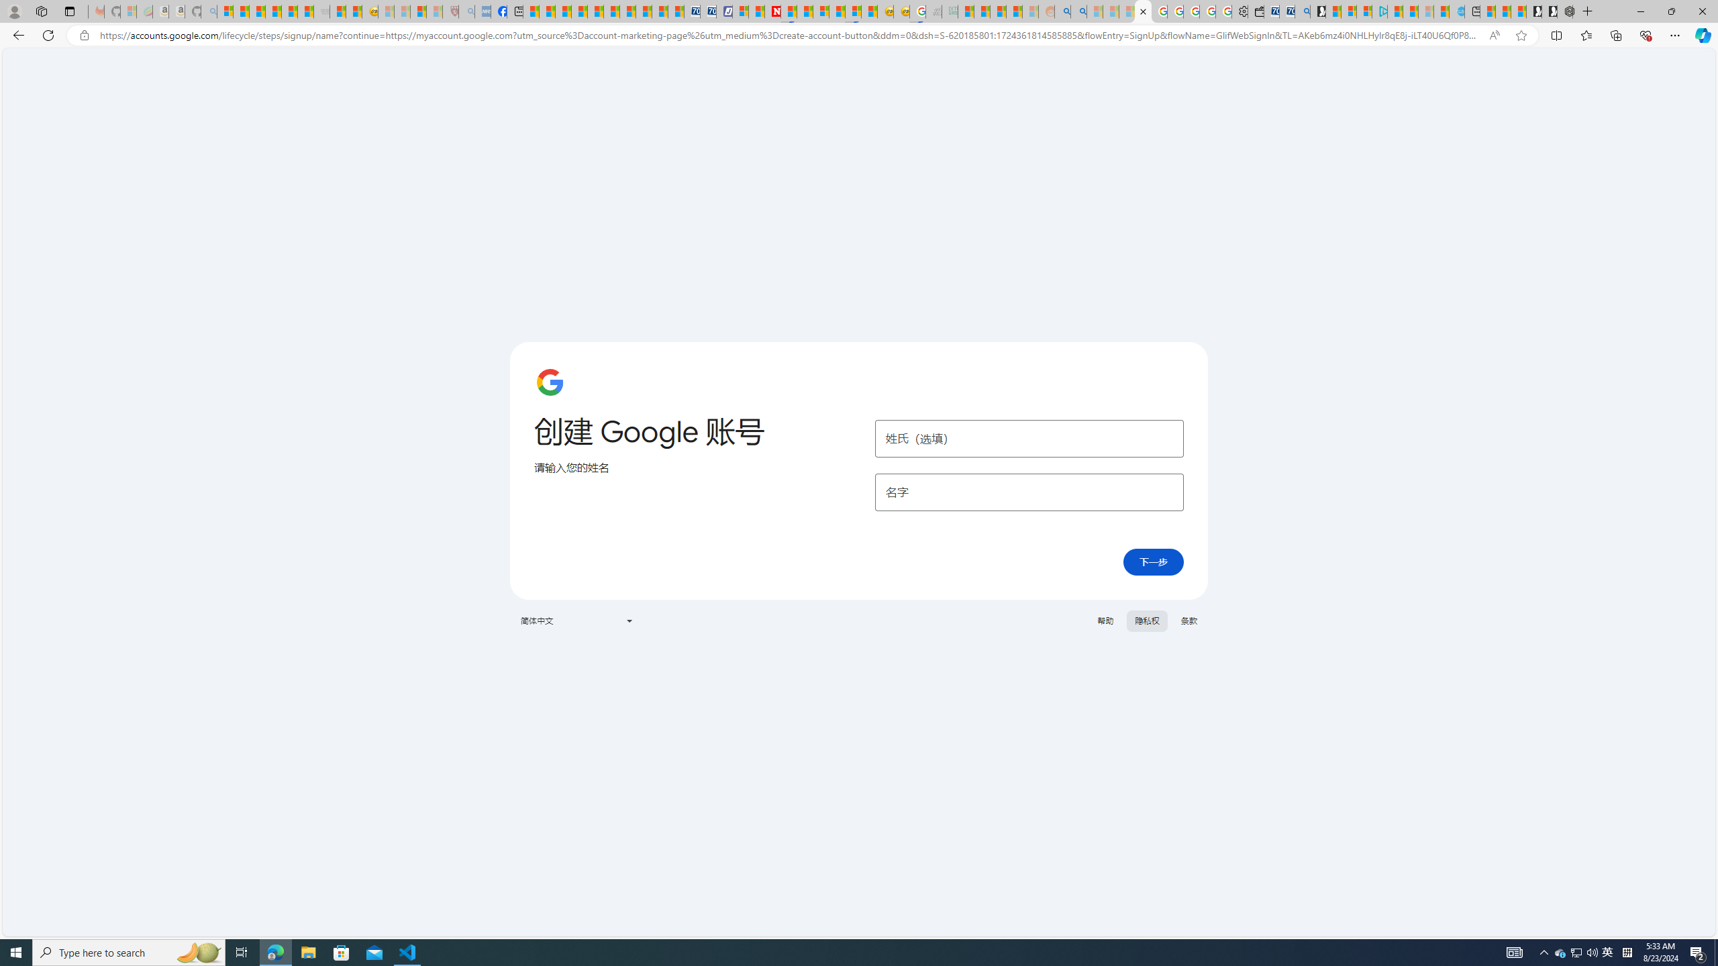 This screenshot has height=966, width=1718. I want to click on 'Latest Politics News & Archive | Newsweek.com', so click(772, 11).